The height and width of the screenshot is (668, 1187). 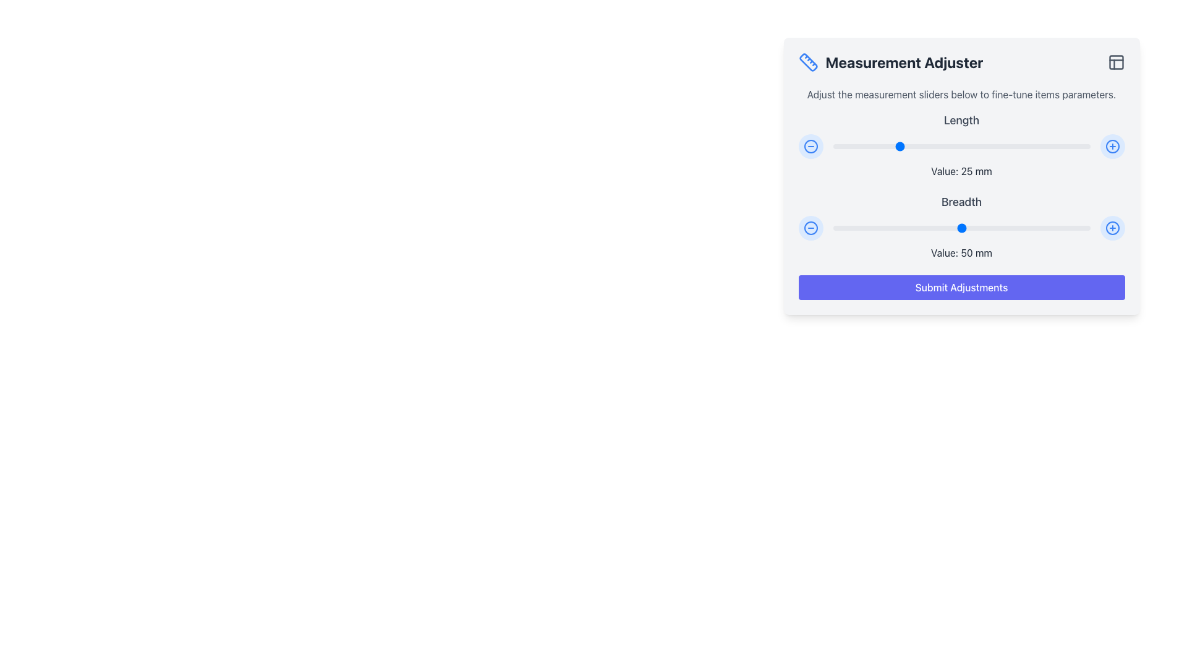 I want to click on the text label displaying 'Value: 50 mm' located below the 'Breadth' slider in the 'Measurement Adjuster' panel, so click(x=961, y=252).